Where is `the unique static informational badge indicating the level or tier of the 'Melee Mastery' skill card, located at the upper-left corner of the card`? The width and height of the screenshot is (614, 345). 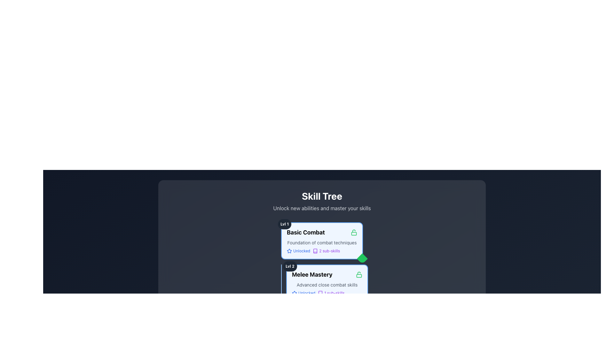 the unique static informational badge indicating the level or tier of the 'Melee Mastery' skill card, located at the upper-left corner of the card is located at coordinates (289, 266).